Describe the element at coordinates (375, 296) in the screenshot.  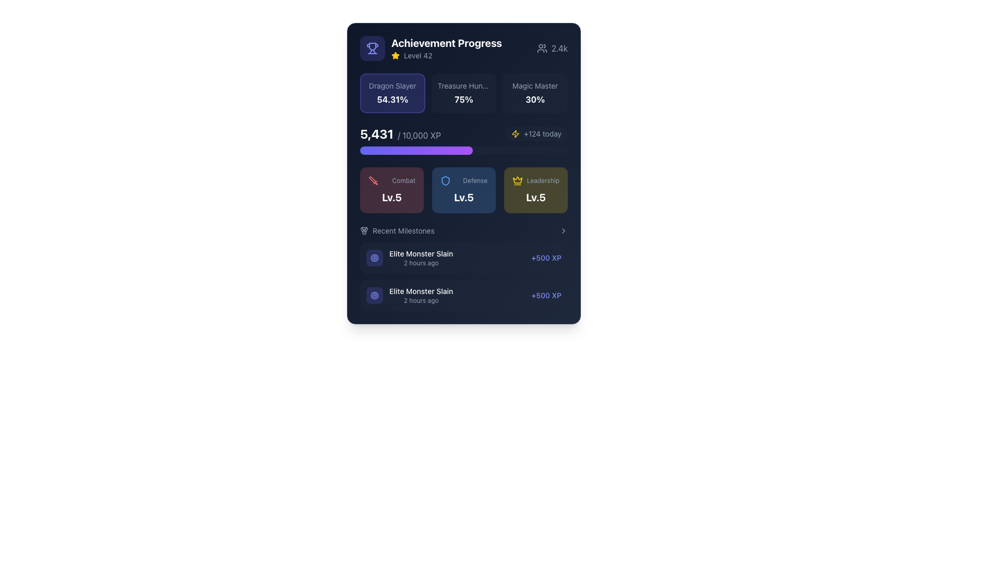
I see `the circular target icon with three concentric strokes and a central dot located in the bottom-right of the card in the 'Recent Milestones' section` at that location.